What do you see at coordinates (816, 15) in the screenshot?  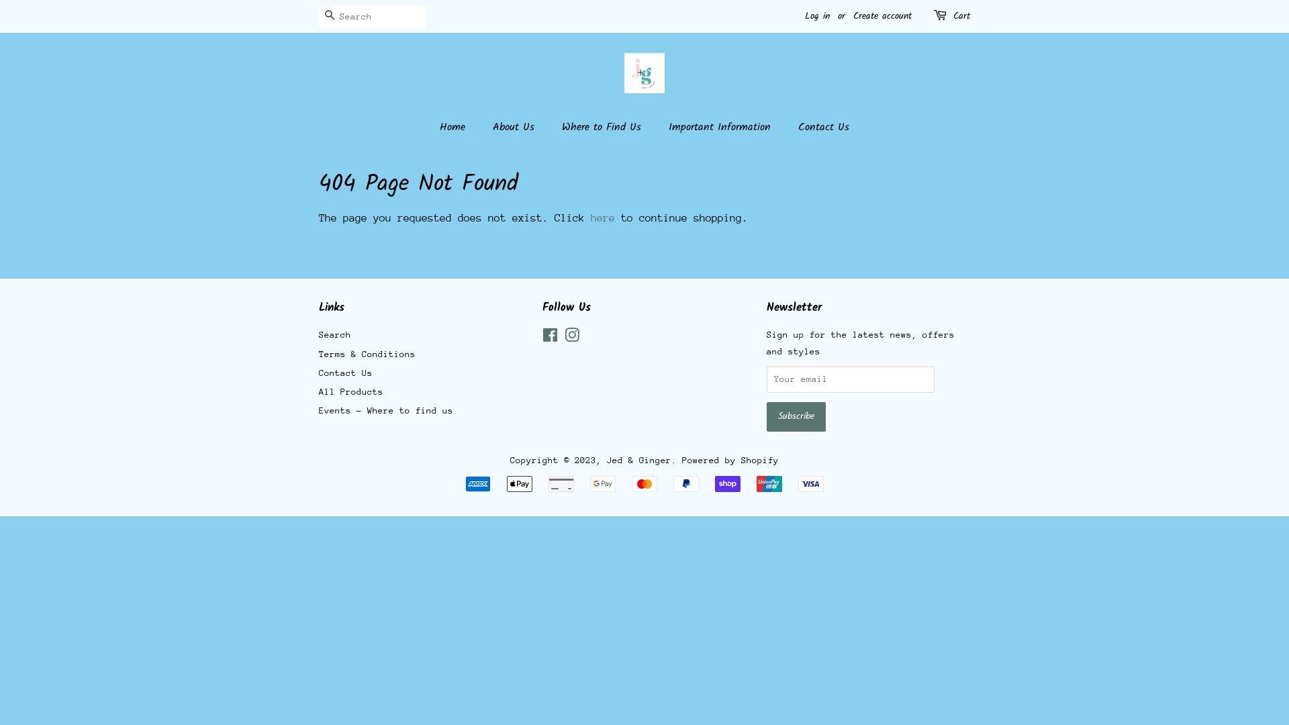 I see `'Log in'` at bounding box center [816, 15].